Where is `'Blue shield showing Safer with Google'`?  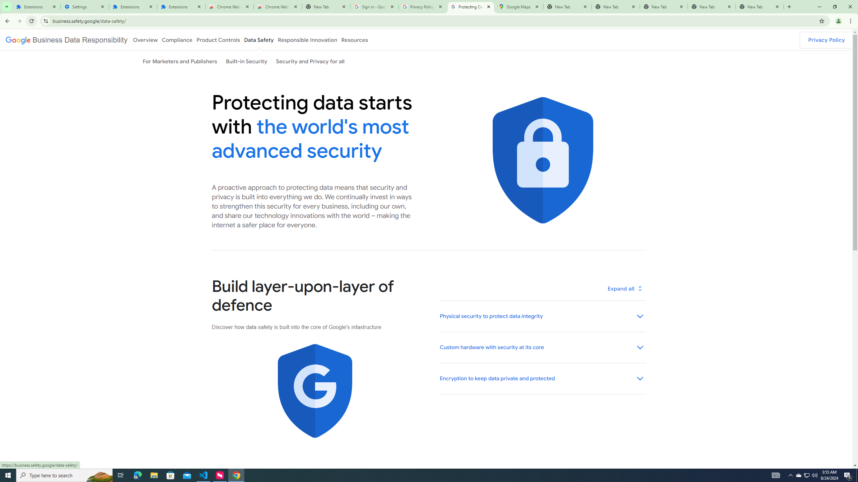 'Blue shield showing Safer with Google' is located at coordinates (314, 391).